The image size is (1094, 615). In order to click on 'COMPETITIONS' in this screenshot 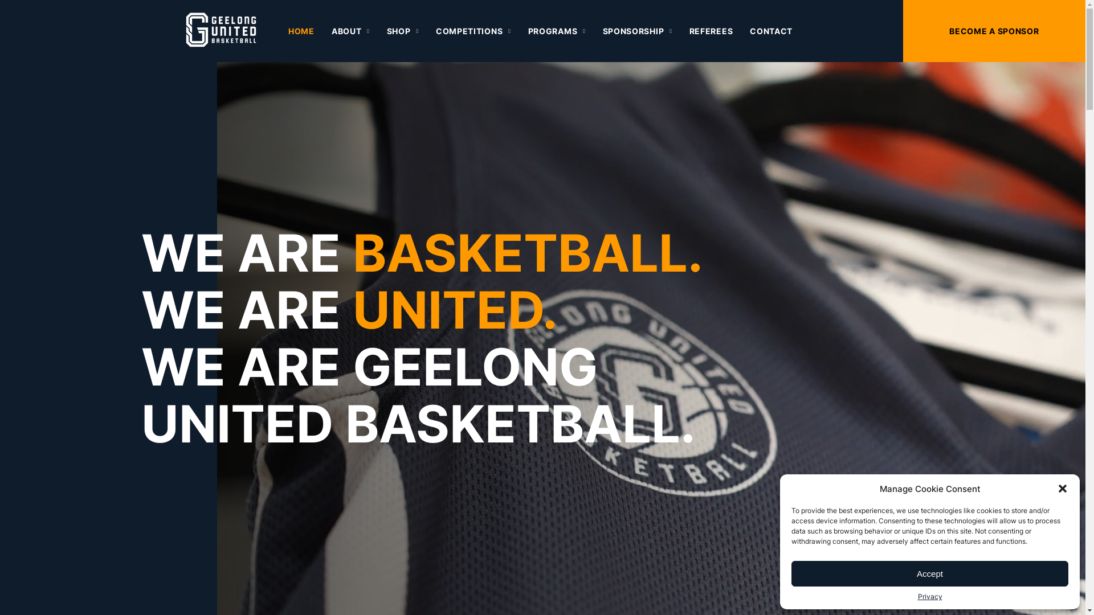, I will do `click(473, 30)`.